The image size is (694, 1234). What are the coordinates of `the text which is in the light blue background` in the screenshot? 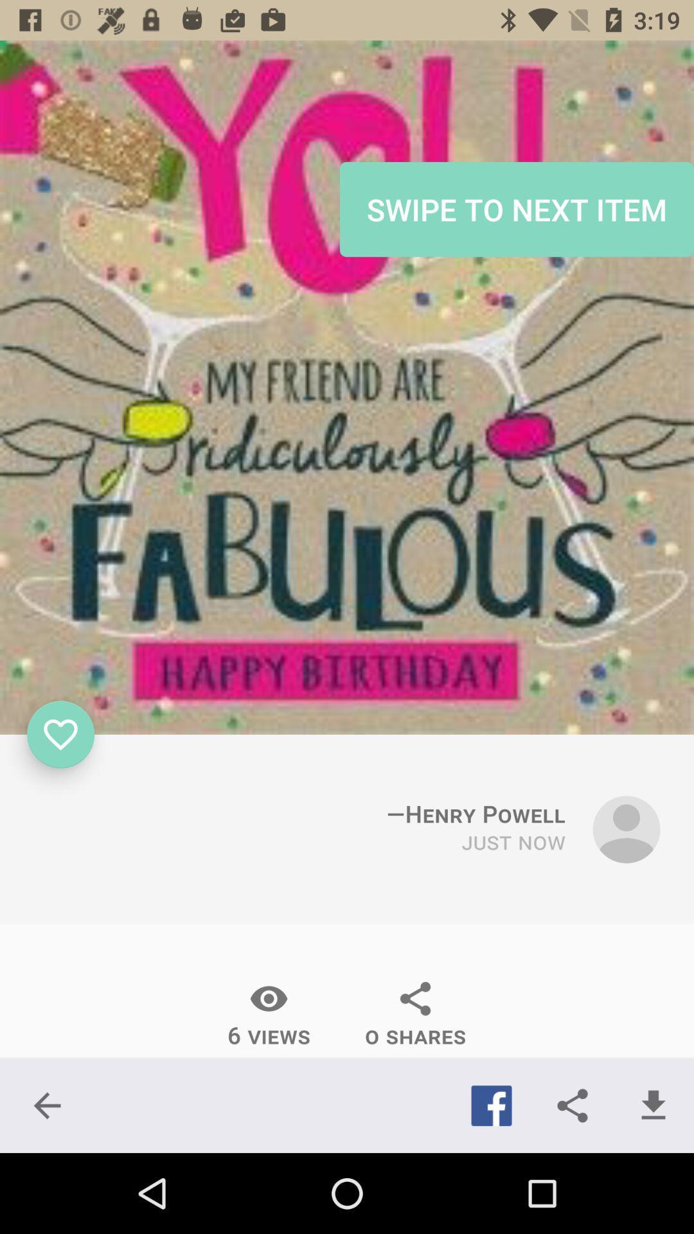 It's located at (516, 210).